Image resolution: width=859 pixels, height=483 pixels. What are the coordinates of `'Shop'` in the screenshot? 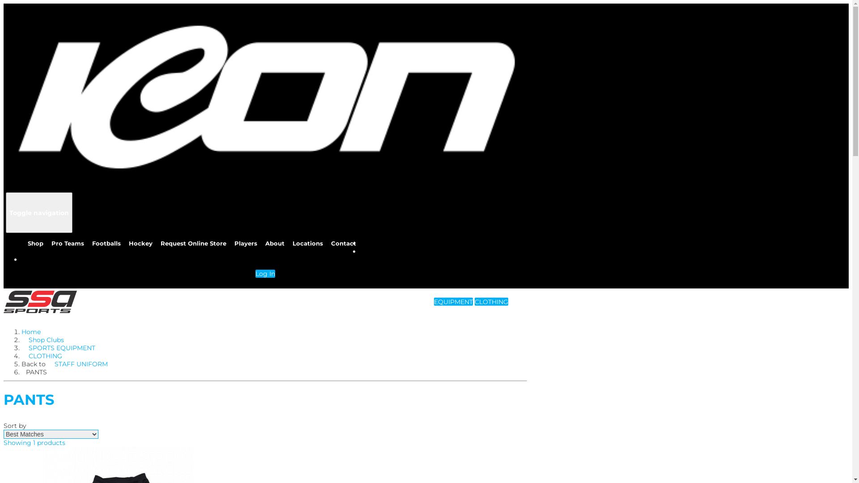 It's located at (35, 244).